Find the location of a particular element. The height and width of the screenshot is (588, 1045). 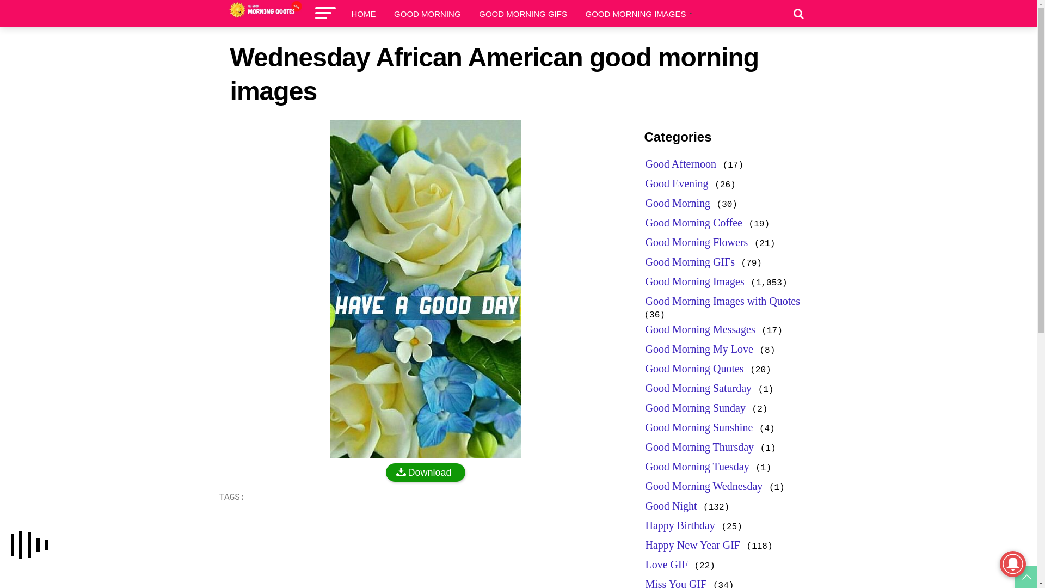

'Good Night' is located at coordinates (671, 506).